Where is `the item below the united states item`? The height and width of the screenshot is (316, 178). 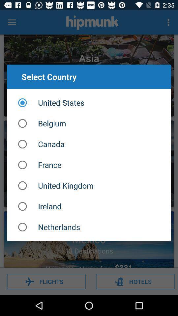 the item below the united states item is located at coordinates (89, 123).